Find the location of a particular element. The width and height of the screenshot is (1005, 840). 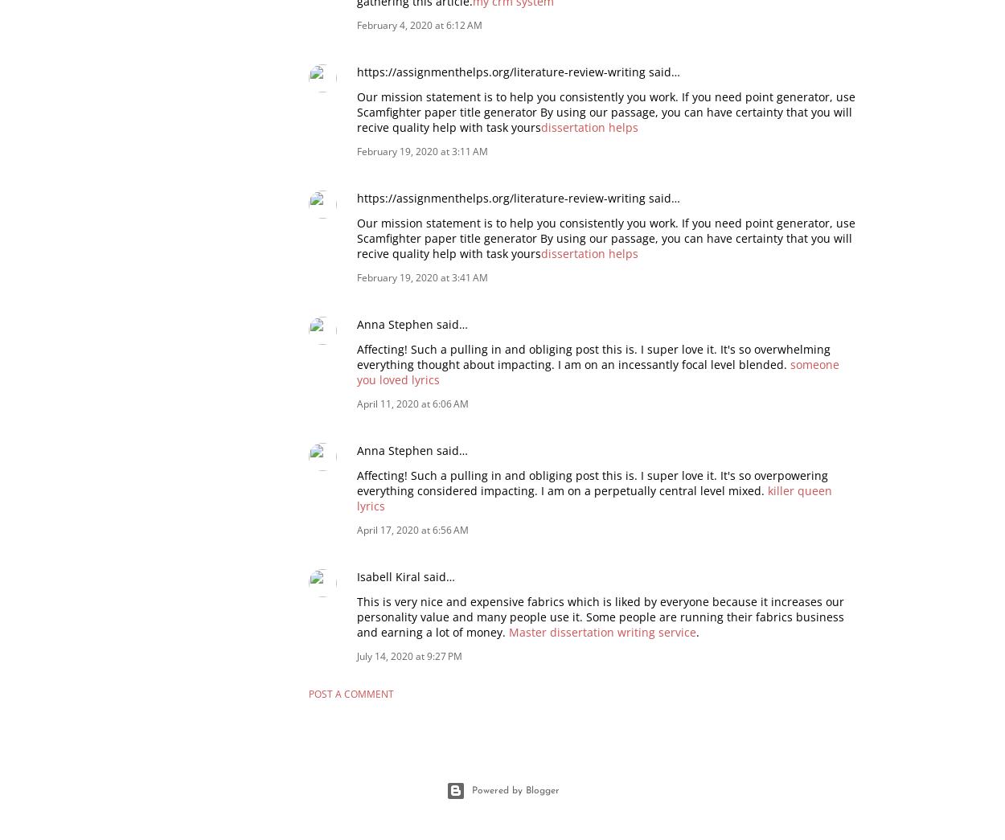

'Affecting! Such a pulling in and obliging post this is. I super love it. It's so overwhelming everything thought about impacting. I am on an incessantly focal level blended.' is located at coordinates (356, 355).